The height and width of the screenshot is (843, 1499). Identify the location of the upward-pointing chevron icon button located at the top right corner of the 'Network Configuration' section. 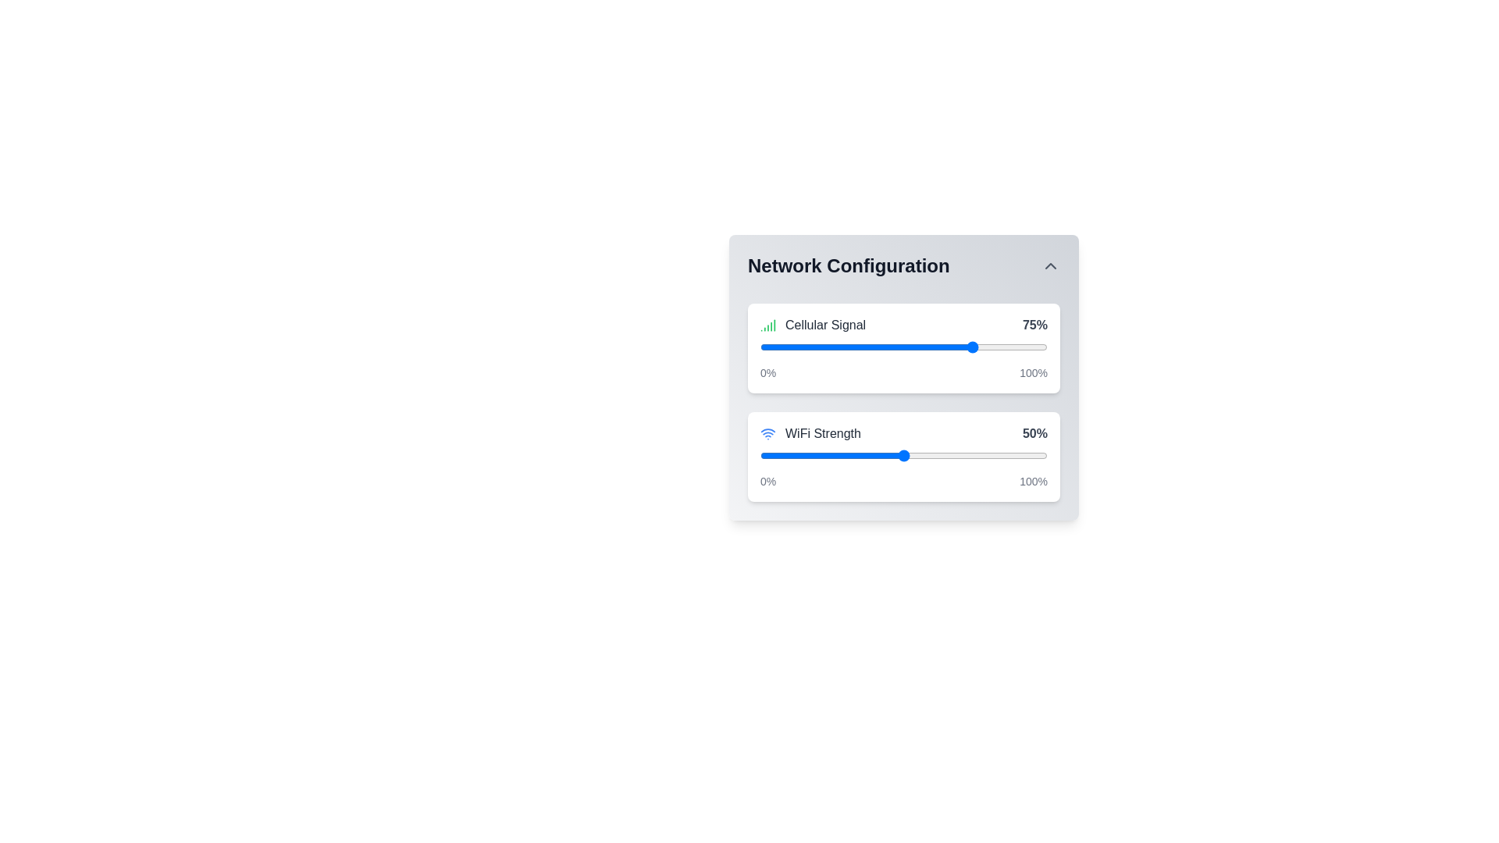
(1050, 265).